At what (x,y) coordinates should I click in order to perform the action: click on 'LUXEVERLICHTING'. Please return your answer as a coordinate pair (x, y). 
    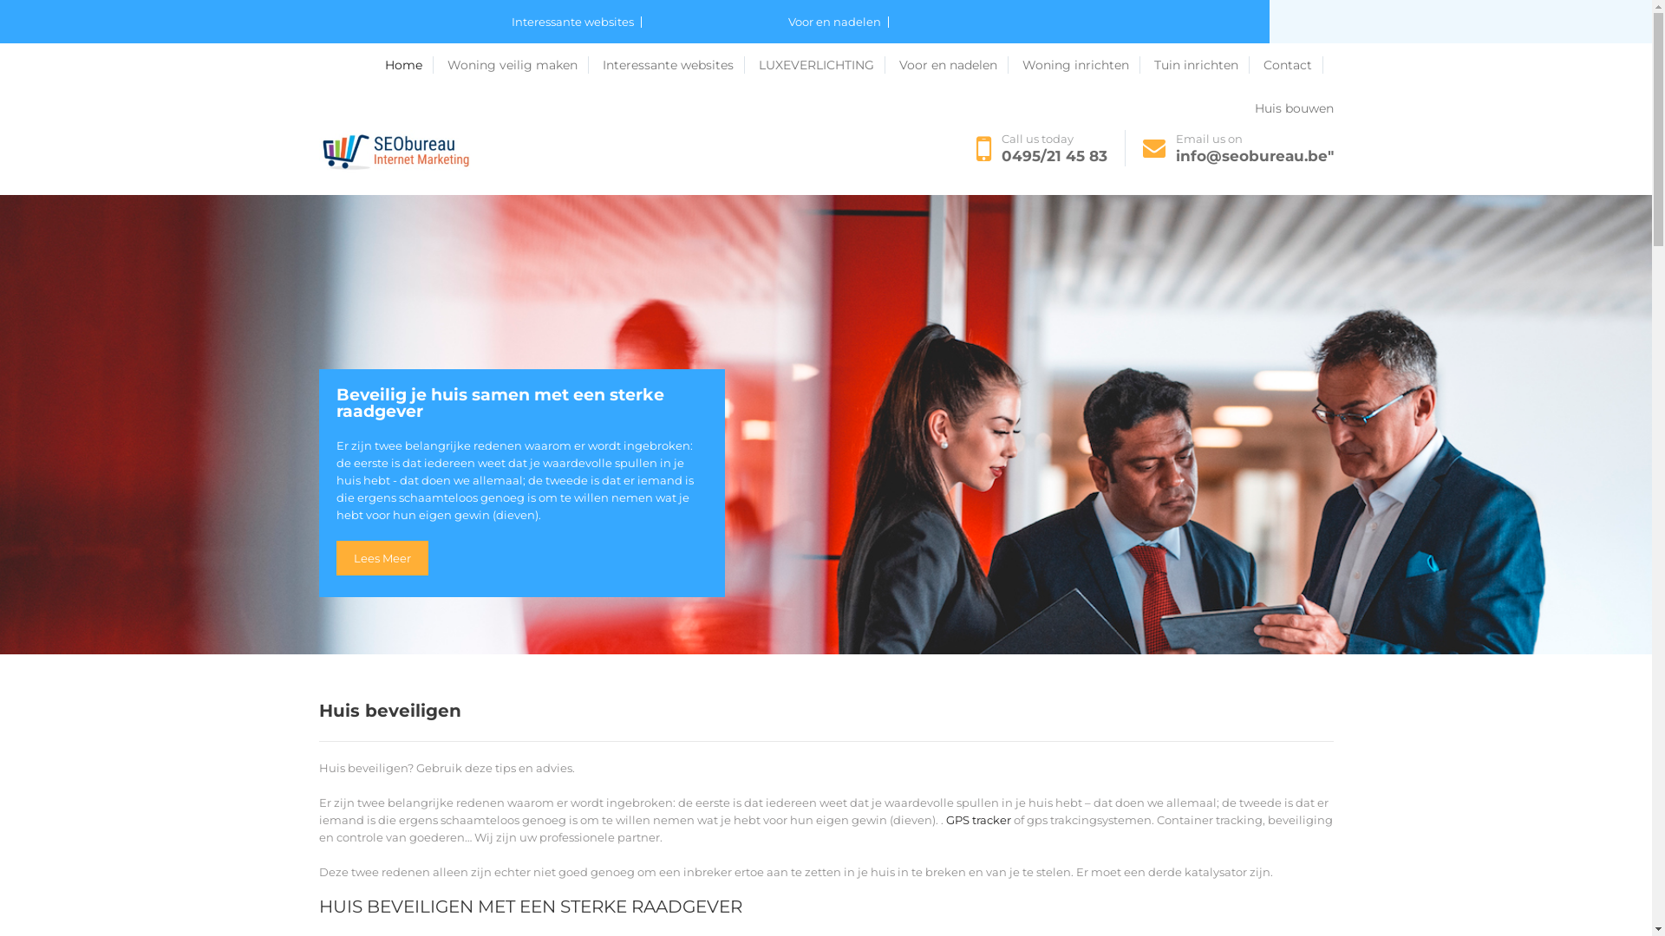
    Looking at the image, I should click on (819, 63).